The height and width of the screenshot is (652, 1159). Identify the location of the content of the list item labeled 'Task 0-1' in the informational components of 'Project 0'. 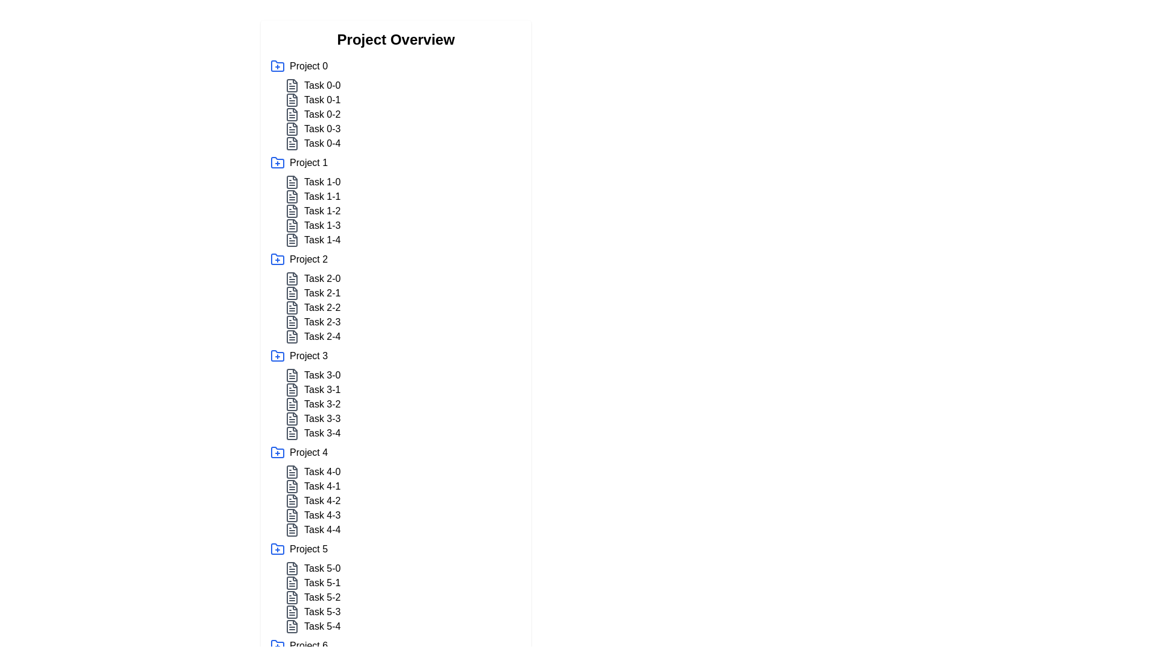
(403, 114).